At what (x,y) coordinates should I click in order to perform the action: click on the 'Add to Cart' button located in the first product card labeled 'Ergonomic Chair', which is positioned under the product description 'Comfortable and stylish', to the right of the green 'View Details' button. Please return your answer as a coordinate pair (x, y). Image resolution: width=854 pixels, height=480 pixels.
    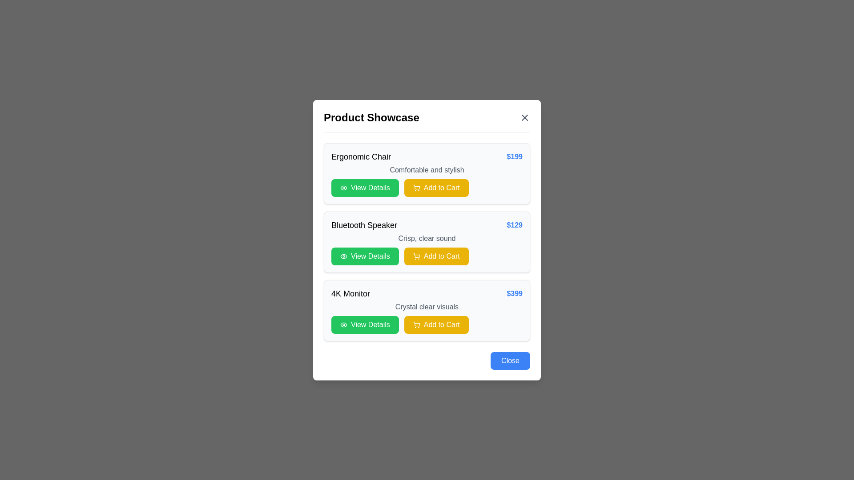
    Looking at the image, I should click on (427, 187).